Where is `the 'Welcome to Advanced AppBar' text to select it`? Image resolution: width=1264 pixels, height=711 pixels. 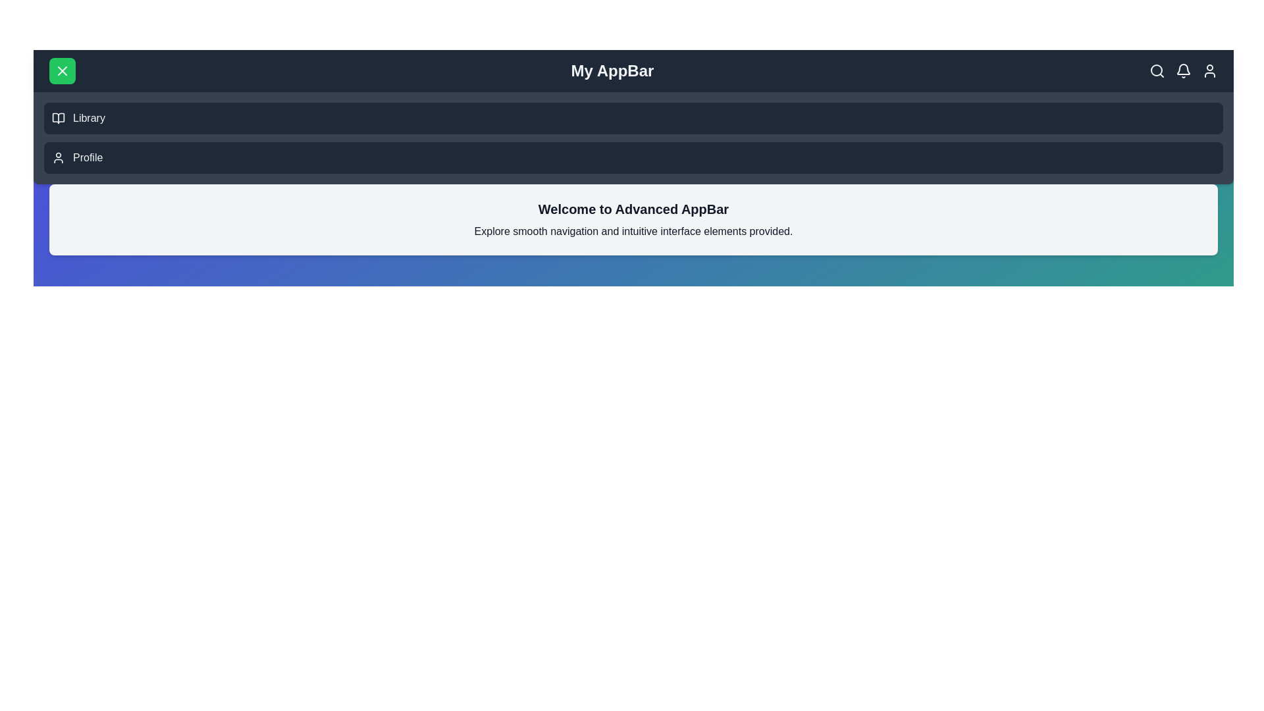
the 'Welcome to Advanced AppBar' text to select it is located at coordinates (633, 208).